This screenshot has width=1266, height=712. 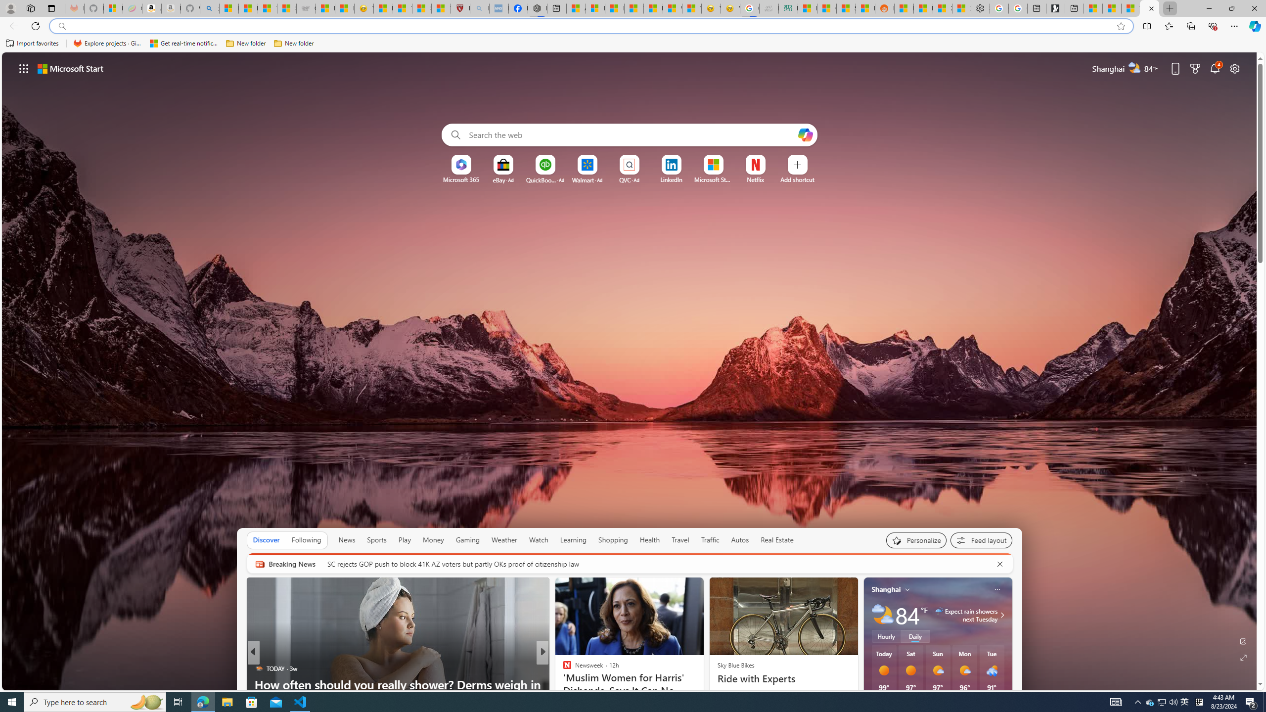 I want to click on 'Daily', so click(x=915, y=636).